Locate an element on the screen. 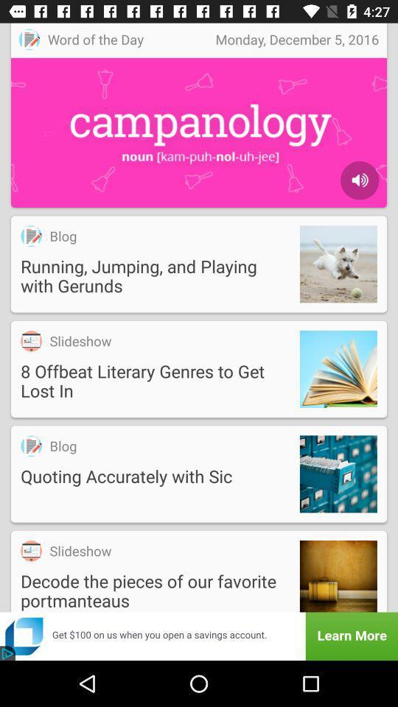 The height and width of the screenshot is (707, 398). volume is located at coordinates (359, 180).